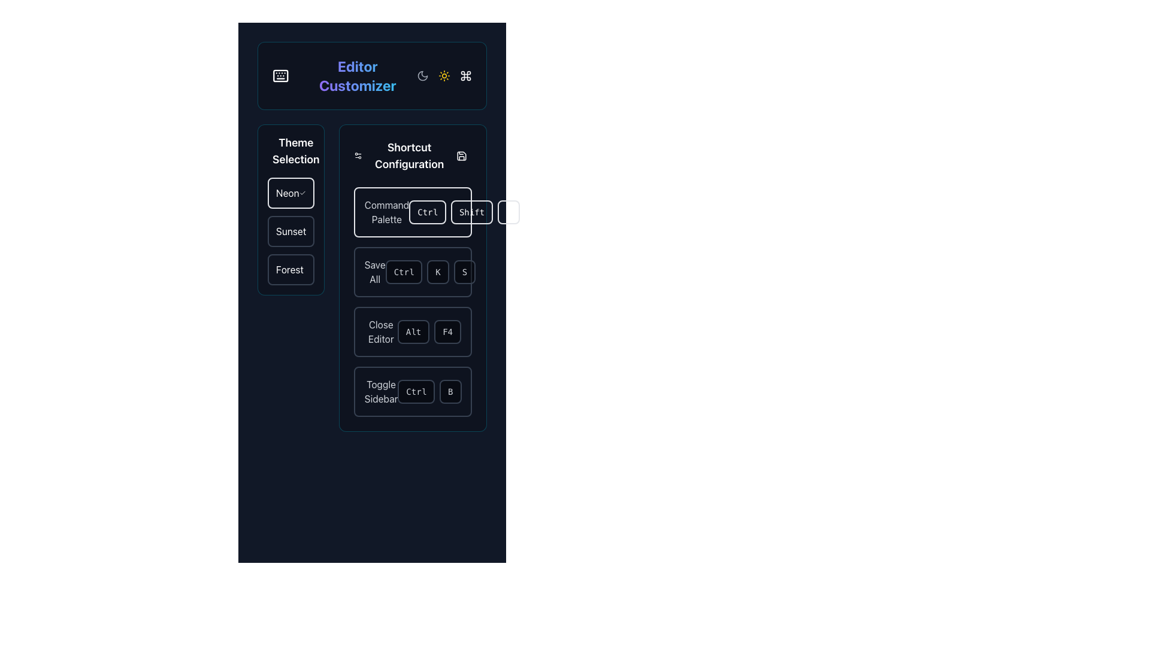  I want to click on the 'Shift' button, which is the second button in the horizontal row under the 'Shortcut Configuration' section of the 'Command Palette'. It has a cyan border and semi-transparent cyan background with the text 'Shift' in a monospaced typeface, so click(471, 211).